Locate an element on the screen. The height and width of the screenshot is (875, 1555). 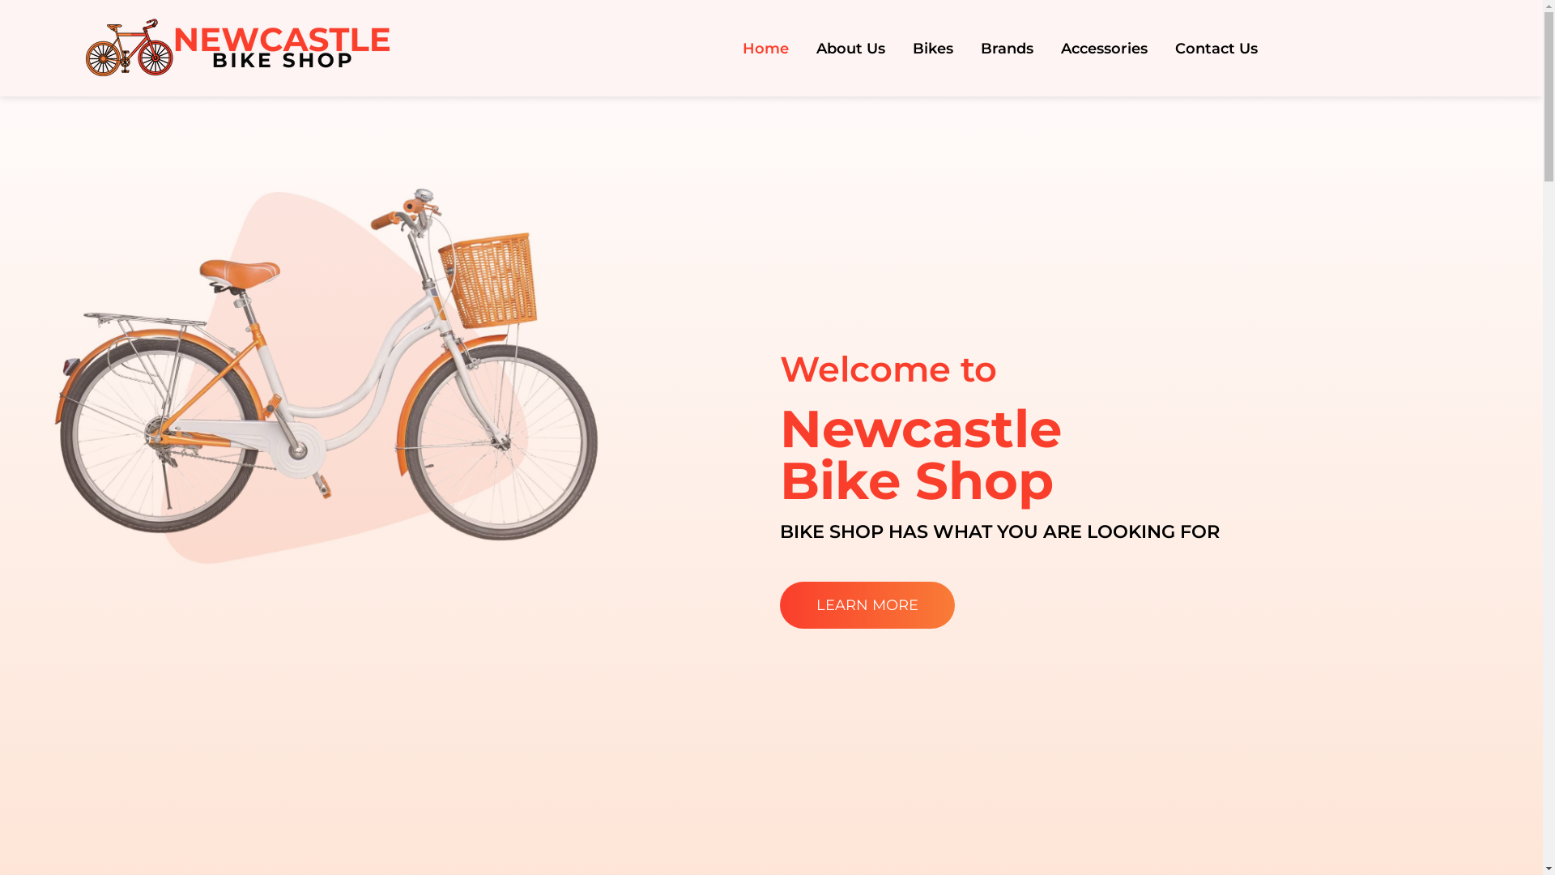
'About Us' is located at coordinates (850, 46).